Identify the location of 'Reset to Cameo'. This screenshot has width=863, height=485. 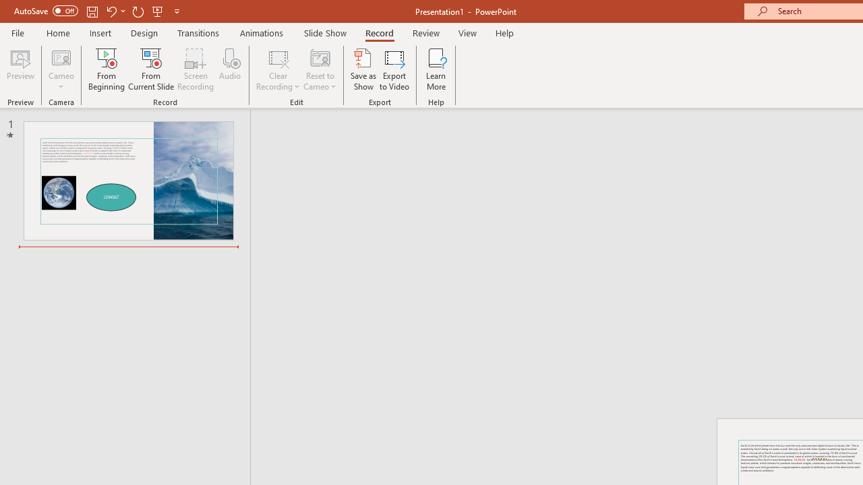
(319, 69).